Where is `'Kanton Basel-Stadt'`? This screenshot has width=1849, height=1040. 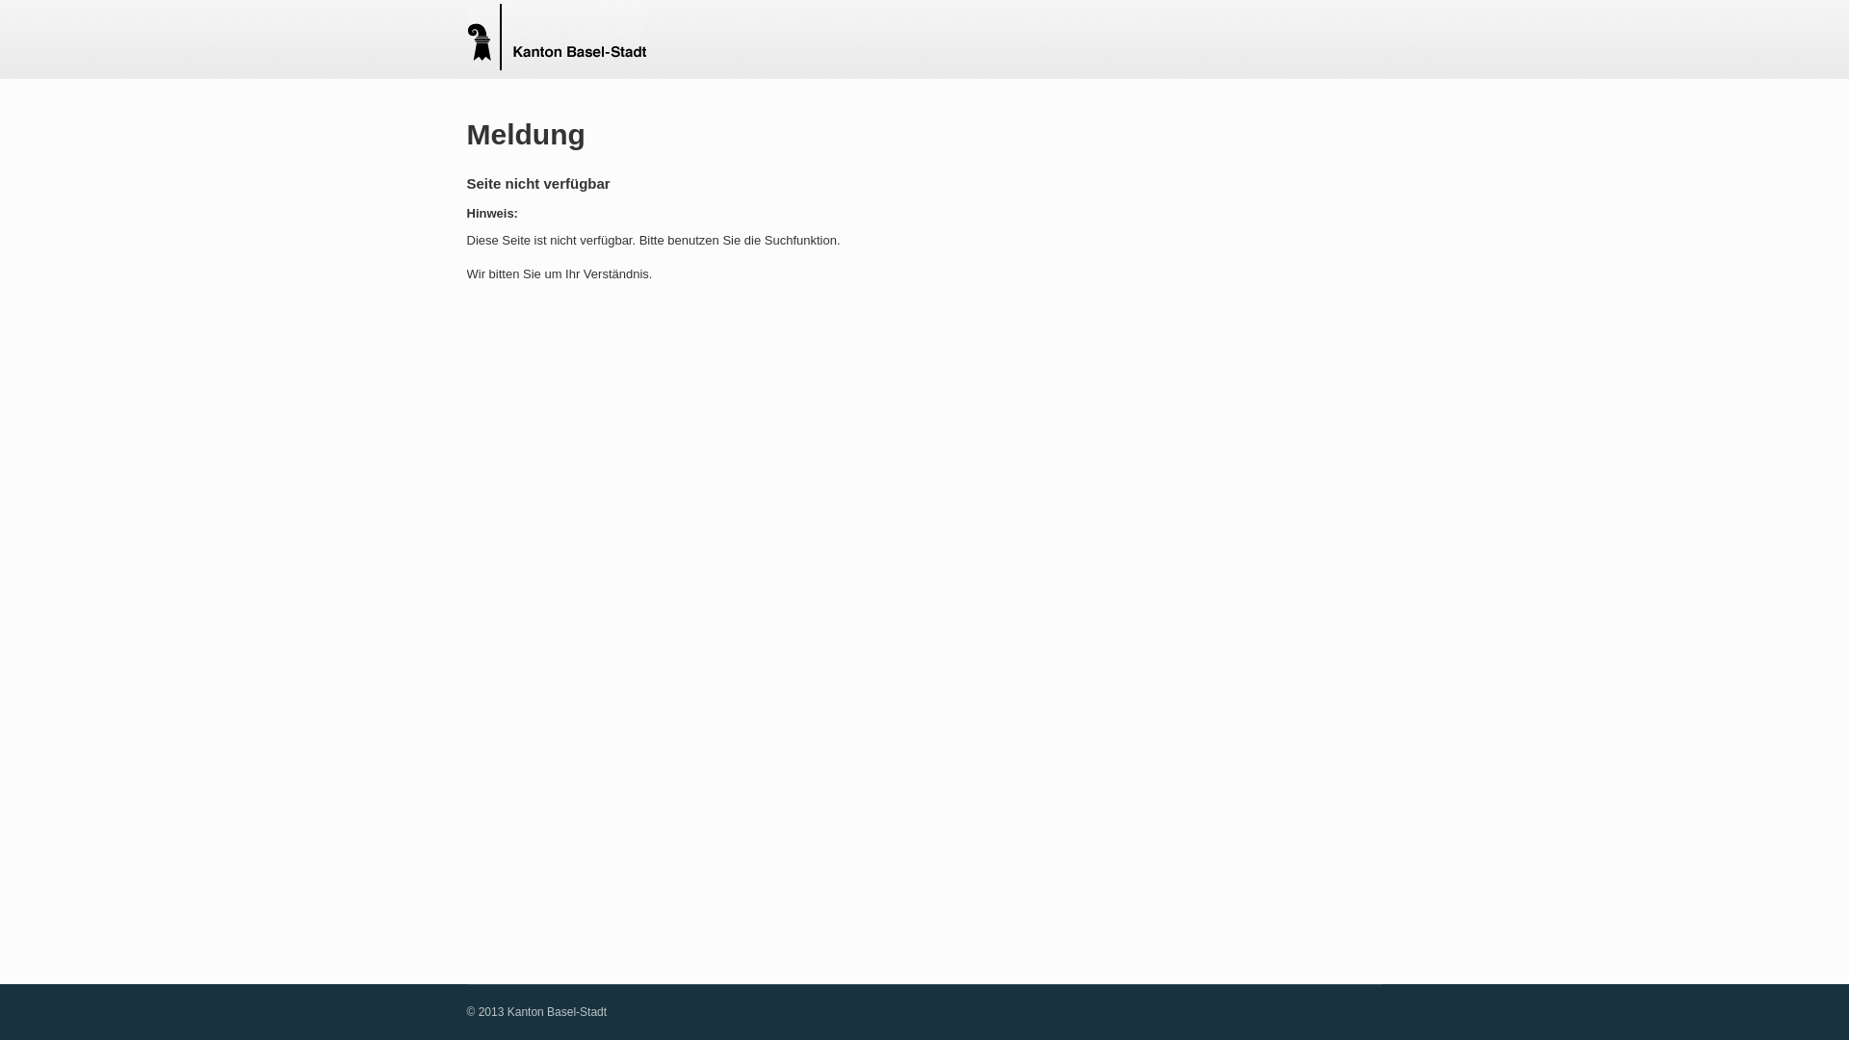 'Kanton Basel-Stadt' is located at coordinates (554, 38).